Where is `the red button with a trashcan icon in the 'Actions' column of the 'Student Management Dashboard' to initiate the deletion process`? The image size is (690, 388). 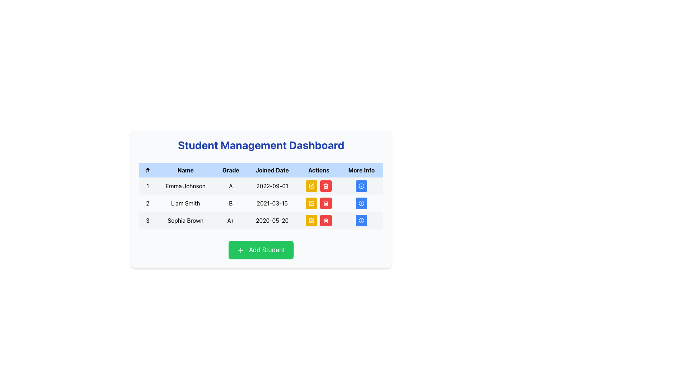 the red button with a trashcan icon in the 'Actions' column of the 'Student Management Dashboard' to initiate the deletion process is located at coordinates (326, 220).